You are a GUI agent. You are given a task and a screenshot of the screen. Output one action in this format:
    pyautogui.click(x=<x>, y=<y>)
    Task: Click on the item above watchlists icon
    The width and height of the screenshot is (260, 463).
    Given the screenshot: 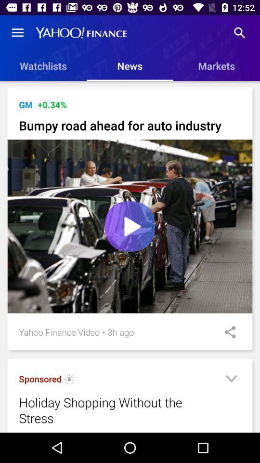 What is the action you would take?
    pyautogui.click(x=17, y=33)
    